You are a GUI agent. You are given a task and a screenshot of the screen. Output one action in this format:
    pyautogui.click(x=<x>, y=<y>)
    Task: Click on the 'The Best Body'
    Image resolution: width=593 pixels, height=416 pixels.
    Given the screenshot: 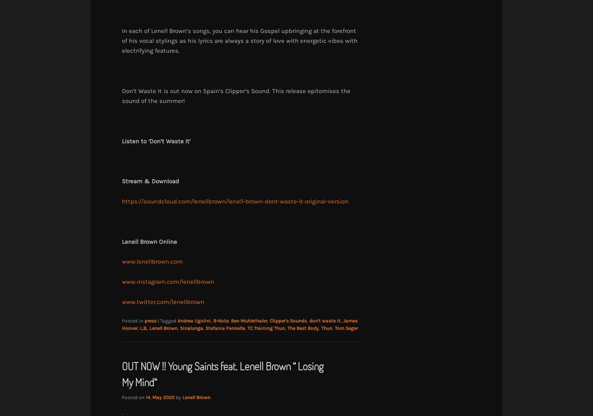 What is the action you would take?
    pyautogui.click(x=302, y=327)
    